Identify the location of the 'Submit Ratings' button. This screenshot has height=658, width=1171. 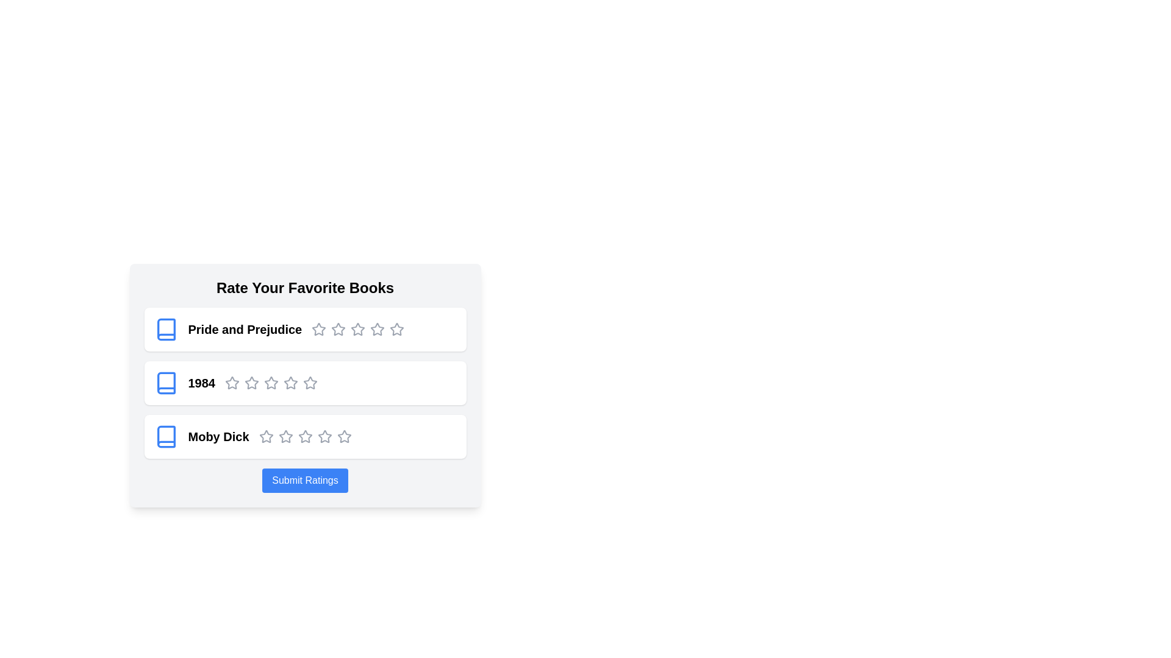
(305, 480).